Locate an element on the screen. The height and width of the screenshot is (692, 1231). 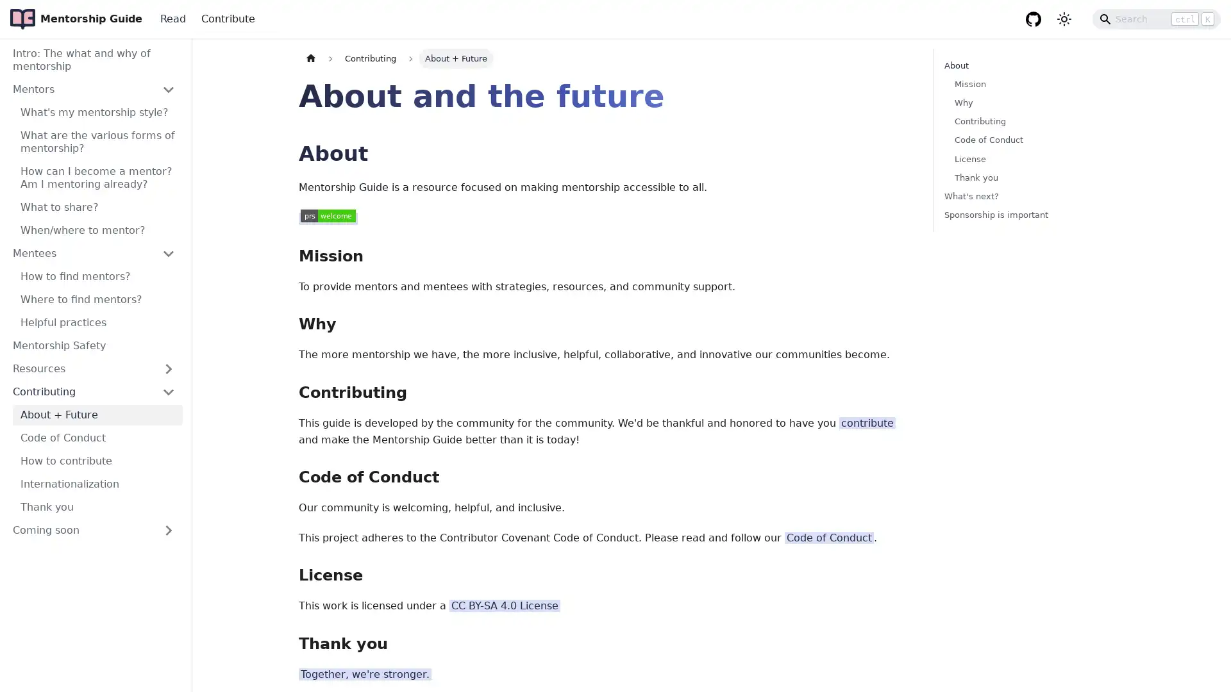
Toggle the collapsible sidebar category 'Resources' is located at coordinates (168, 368).